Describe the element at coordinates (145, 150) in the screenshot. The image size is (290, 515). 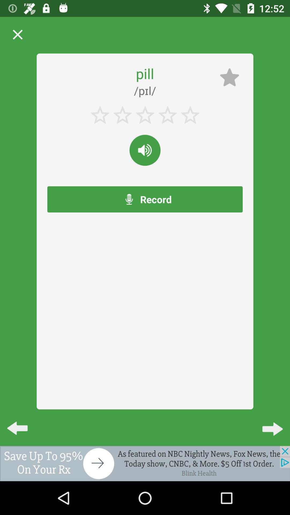
I see `reading the world outloud` at that location.